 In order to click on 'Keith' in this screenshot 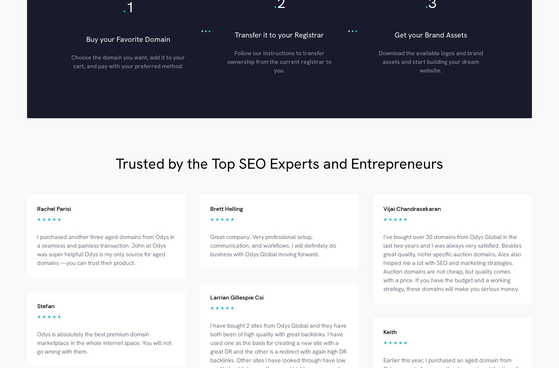, I will do `click(390, 332)`.